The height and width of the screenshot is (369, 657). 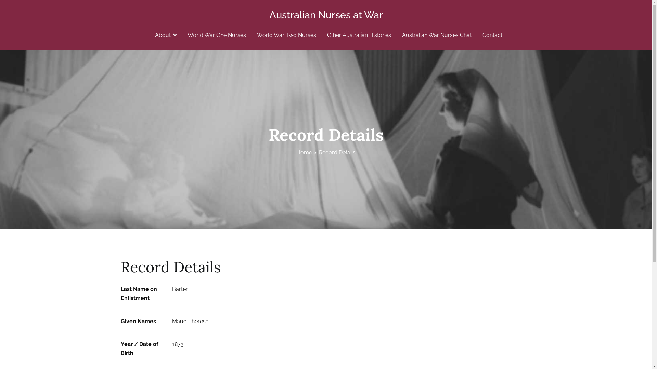 I want to click on 'Home', so click(x=304, y=152).